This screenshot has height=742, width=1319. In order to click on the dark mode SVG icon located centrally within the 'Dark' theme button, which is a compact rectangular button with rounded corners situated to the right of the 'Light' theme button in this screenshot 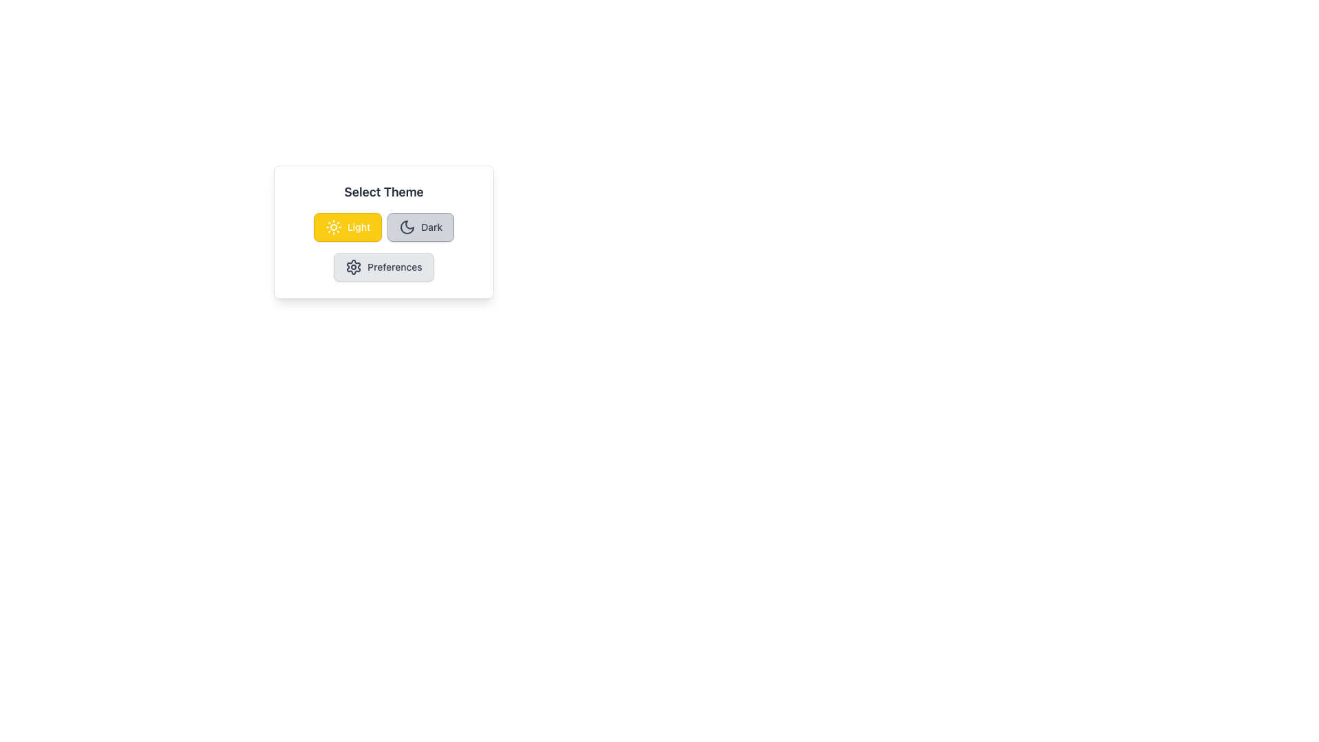, I will do `click(407, 227)`.